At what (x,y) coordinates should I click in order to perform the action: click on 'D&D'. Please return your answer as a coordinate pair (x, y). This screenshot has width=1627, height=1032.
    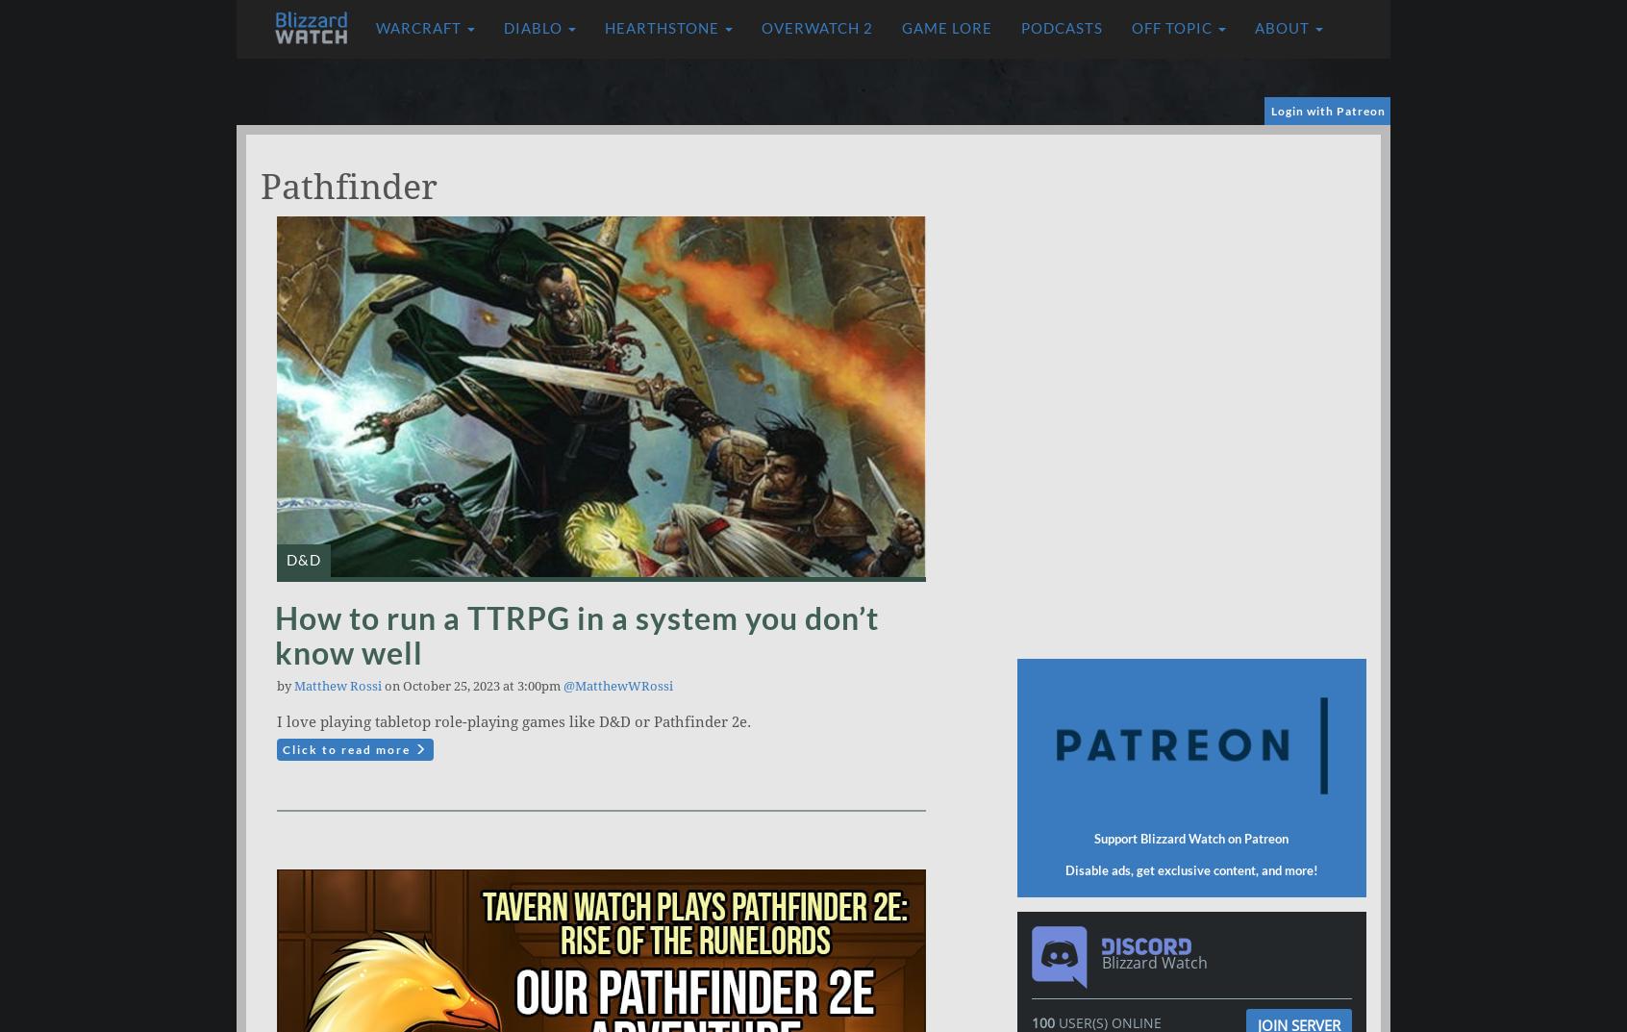
    Looking at the image, I should click on (303, 560).